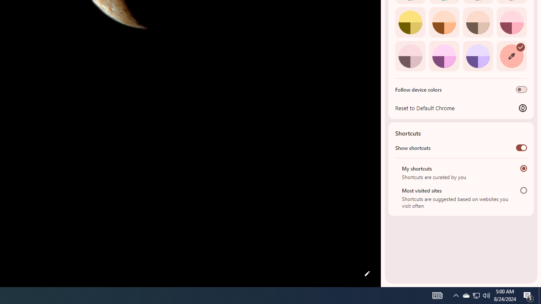 The width and height of the screenshot is (541, 304). I want to click on 'Most visited sites', so click(523, 190).